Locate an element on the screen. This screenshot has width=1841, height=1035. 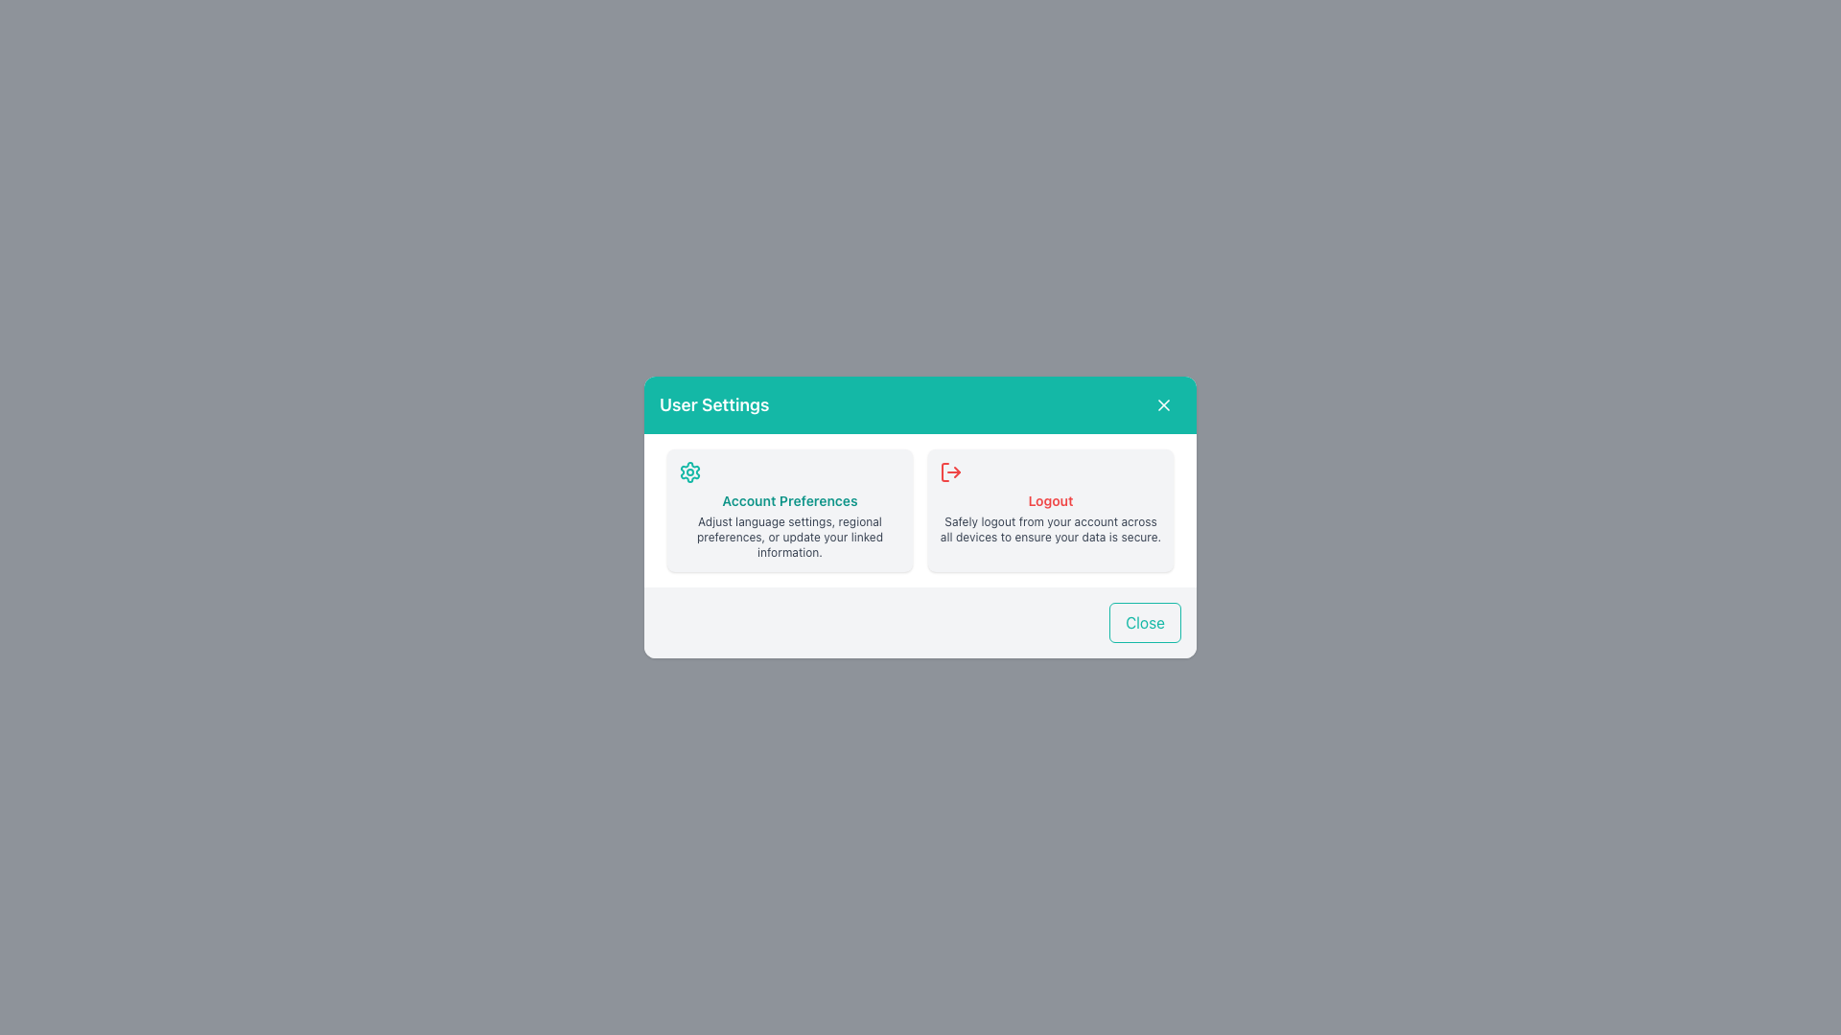
the log-out icon which is centrally located within the 'Logout' card, positioned above the word 'Logout' and its descriptive text is located at coordinates (951, 472).